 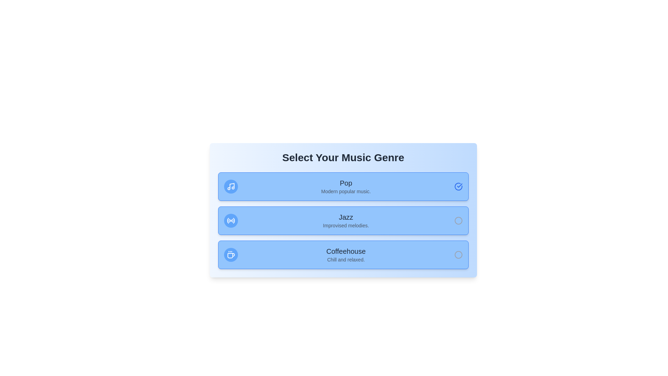 I want to click on the text label displaying 'Coffeehouse', which is located in the central upper portion of a rectangular section with a light blue background, so click(x=346, y=251).